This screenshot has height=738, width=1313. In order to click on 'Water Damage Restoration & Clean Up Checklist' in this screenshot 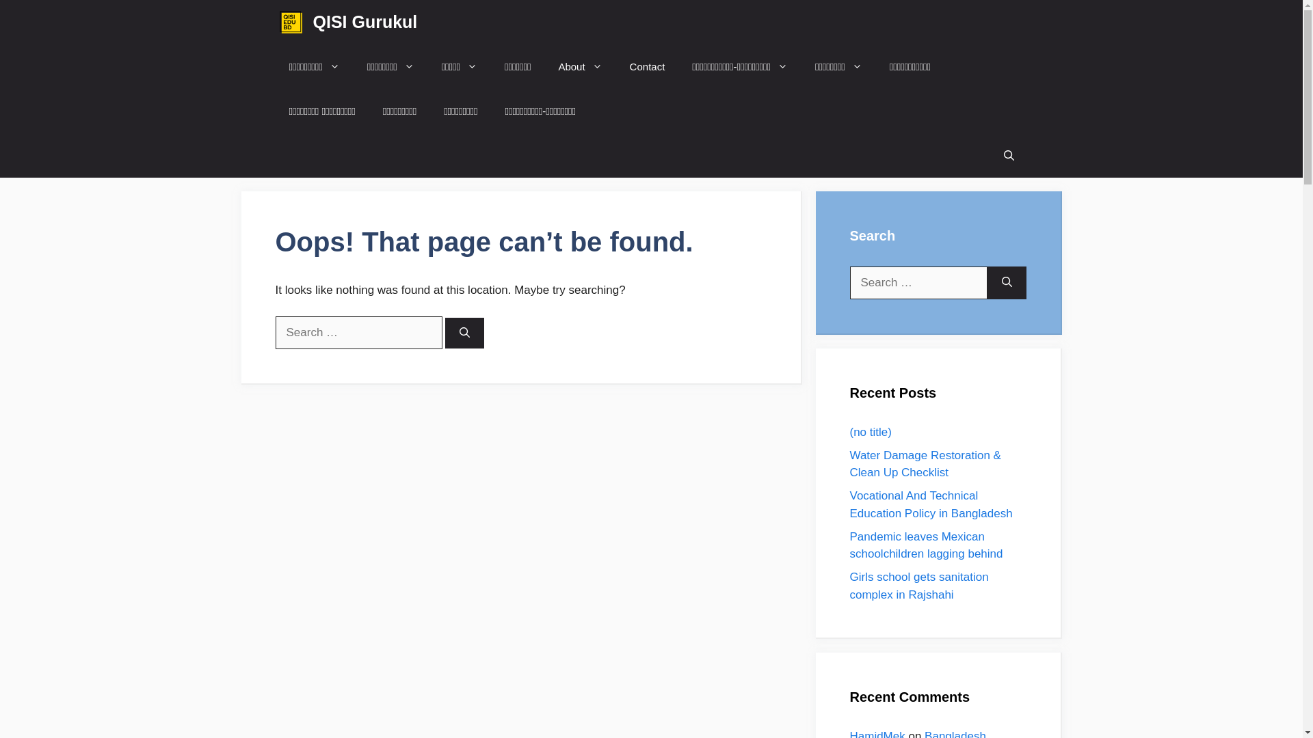, I will do `click(849, 463)`.